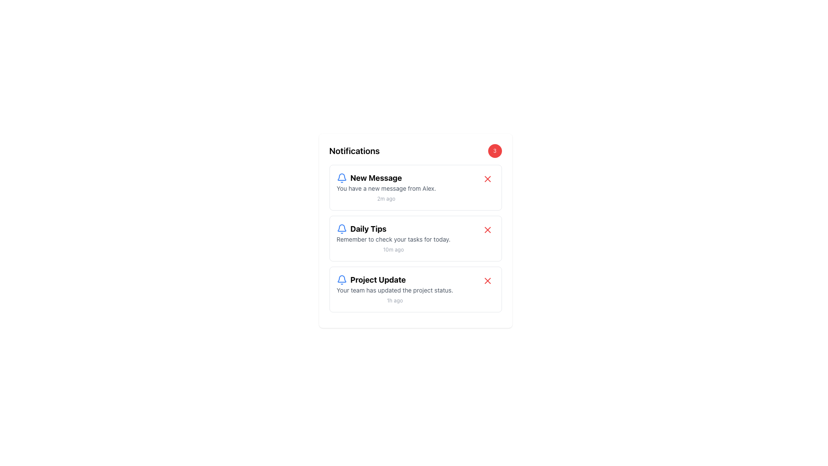 This screenshot has width=828, height=466. I want to click on the Text Label that serves as the title of the notification, which is located to the immediate right of a blue bell icon and above the text 'You have a new message from Alex.', so click(386, 177).